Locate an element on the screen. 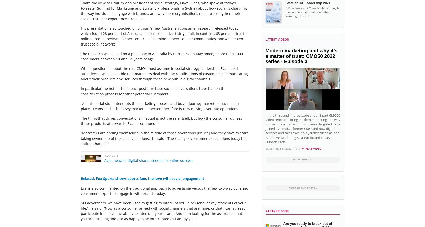  'Modern marketing and why it’s a matter of trust: CMO50 2022 series - Episode 3' is located at coordinates (301, 56).